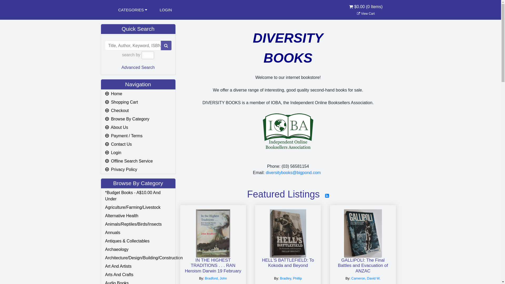 The image size is (505, 284). I want to click on 'Annuals', so click(138, 232).